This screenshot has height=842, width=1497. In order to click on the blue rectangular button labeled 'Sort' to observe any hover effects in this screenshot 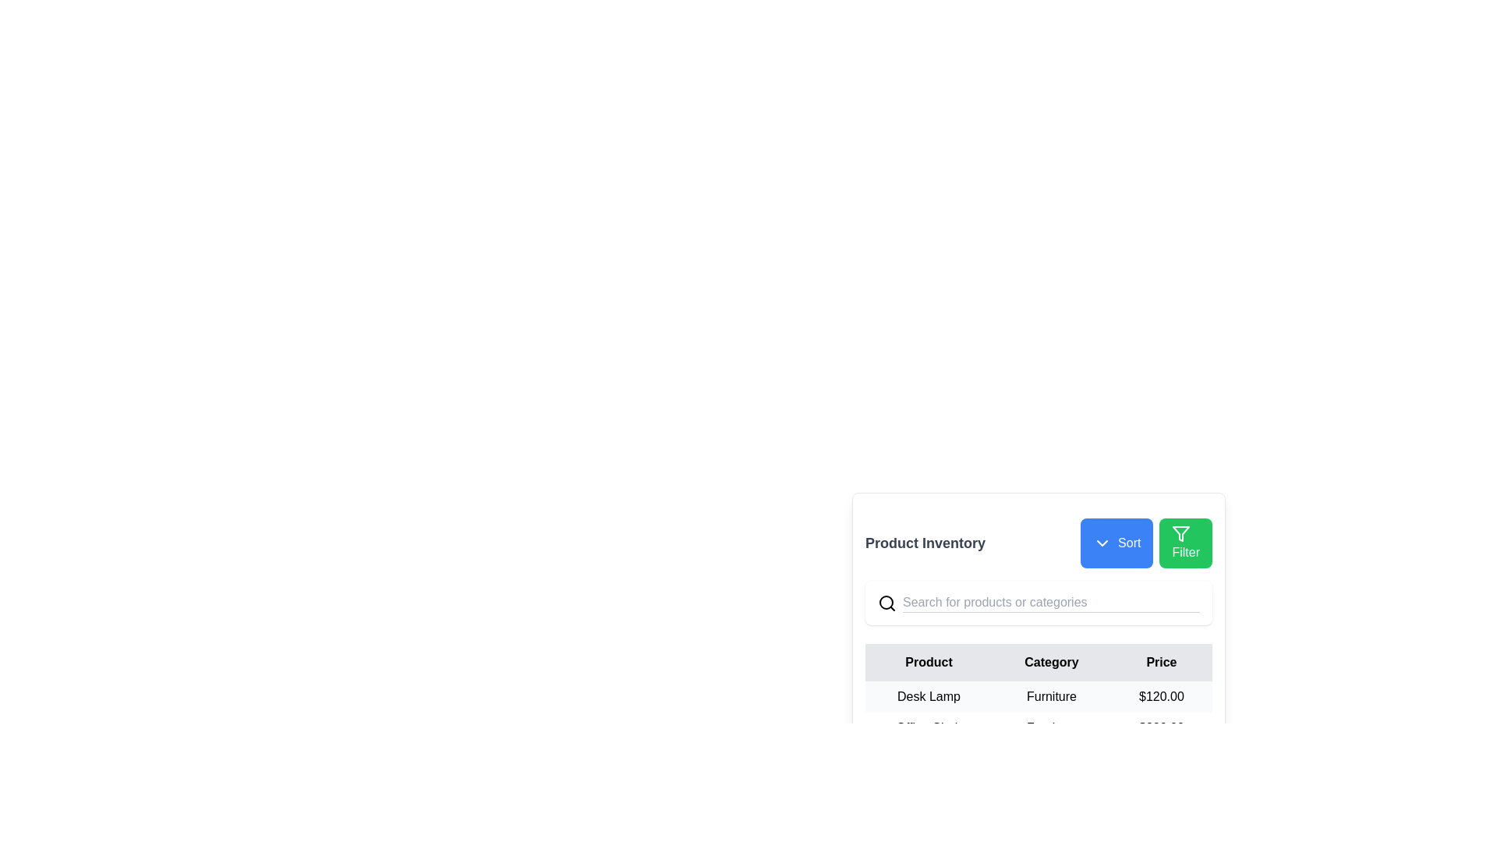, I will do `click(1116, 543)`.